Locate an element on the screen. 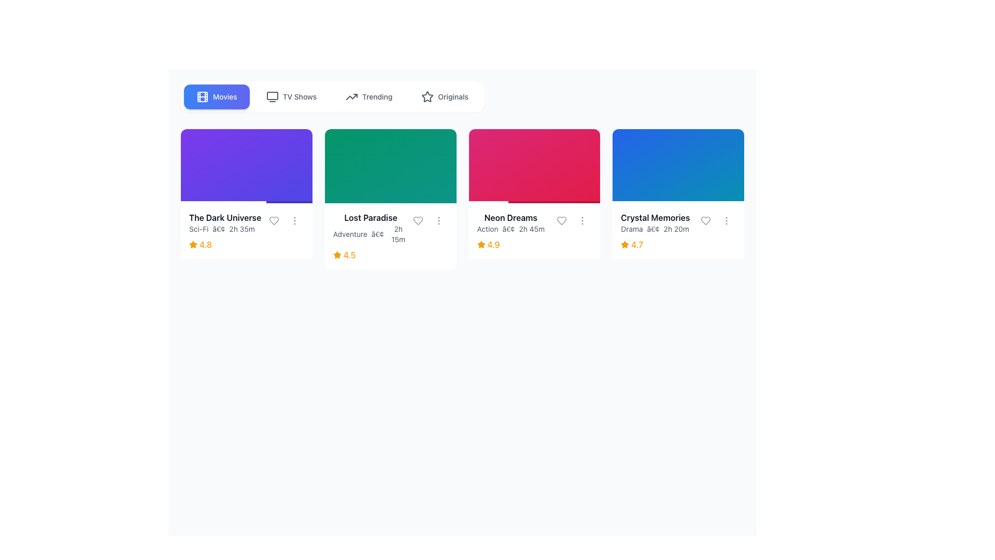 The height and width of the screenshot is (560, 995). the informational text displaying '2h 45m', which is styled in gray and part of the movie details for 'Neon Dreams' is located at coordinates (532, 228).